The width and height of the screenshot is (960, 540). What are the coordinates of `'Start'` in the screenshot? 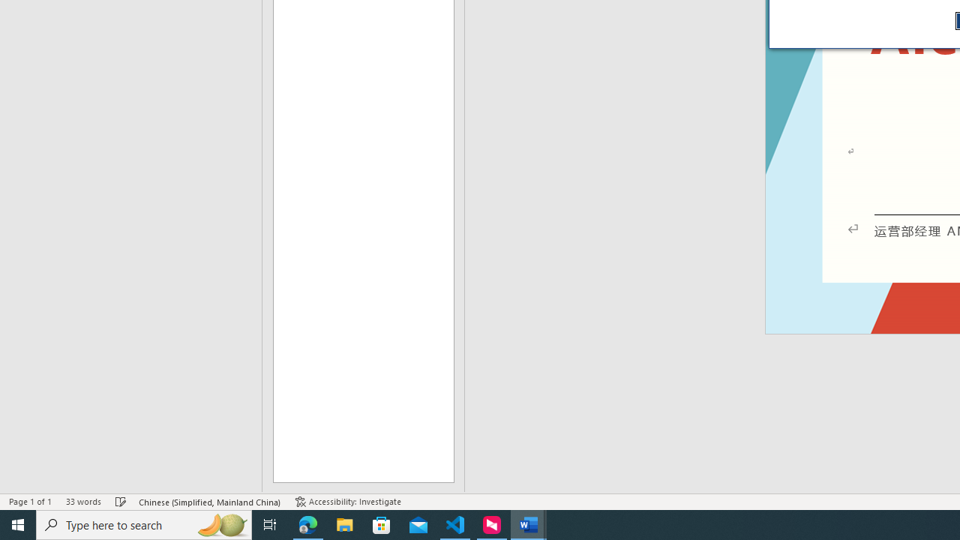 It's located at (18, 523).